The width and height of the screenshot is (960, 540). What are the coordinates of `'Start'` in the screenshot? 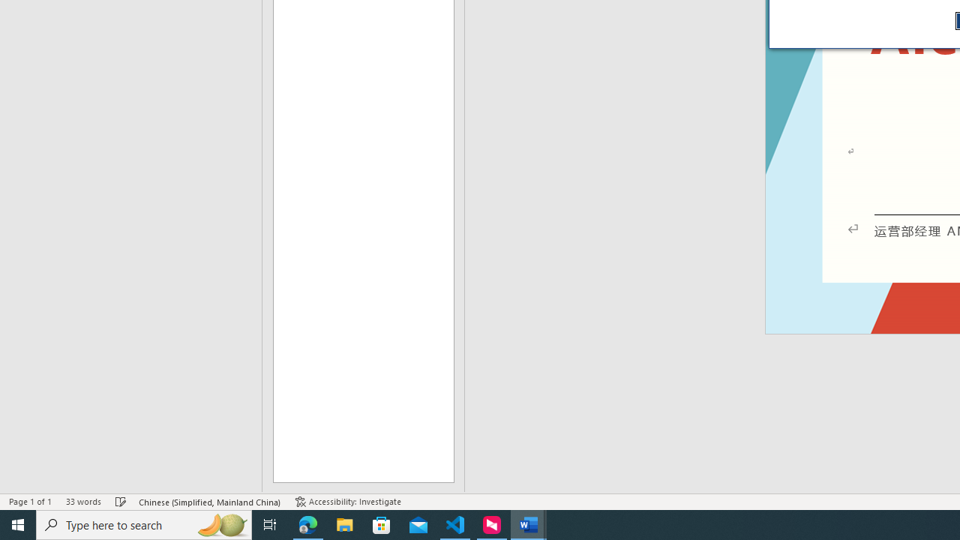 It's located at (18, 523).